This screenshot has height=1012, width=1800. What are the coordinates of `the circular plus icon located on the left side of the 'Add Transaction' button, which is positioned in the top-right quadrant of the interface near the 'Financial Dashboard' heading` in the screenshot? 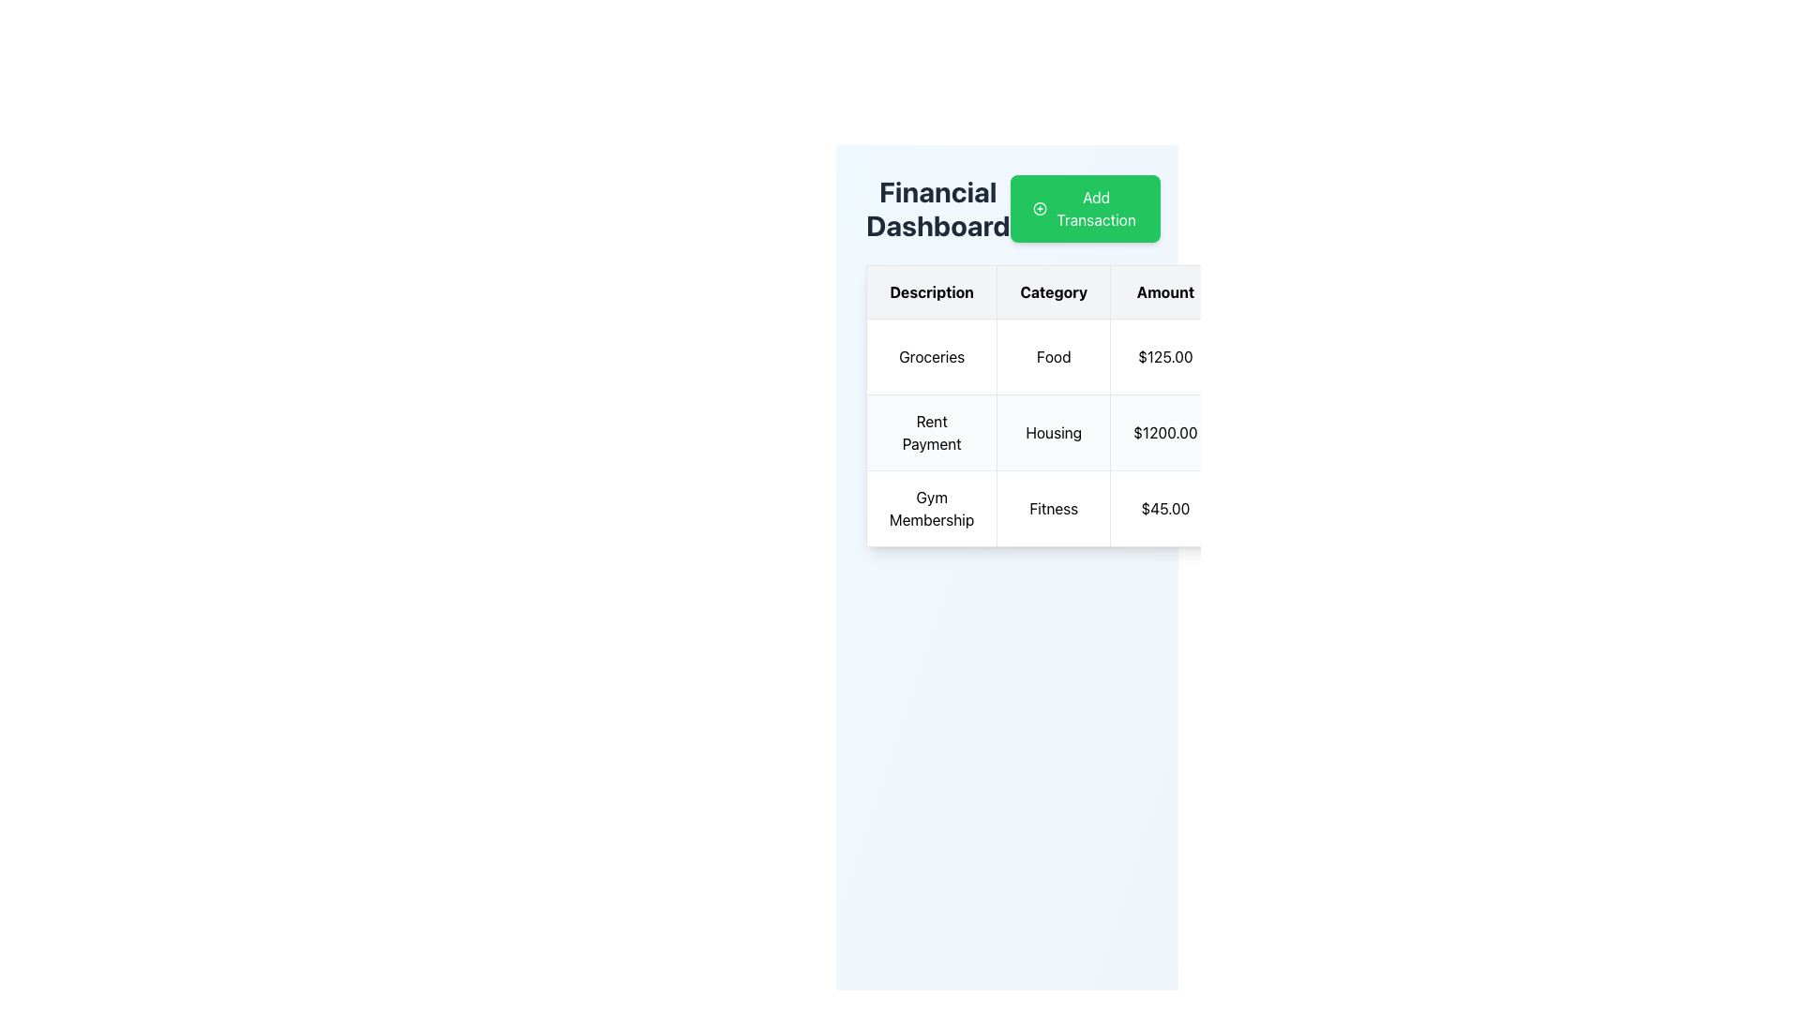 It's located at (1039, 209).